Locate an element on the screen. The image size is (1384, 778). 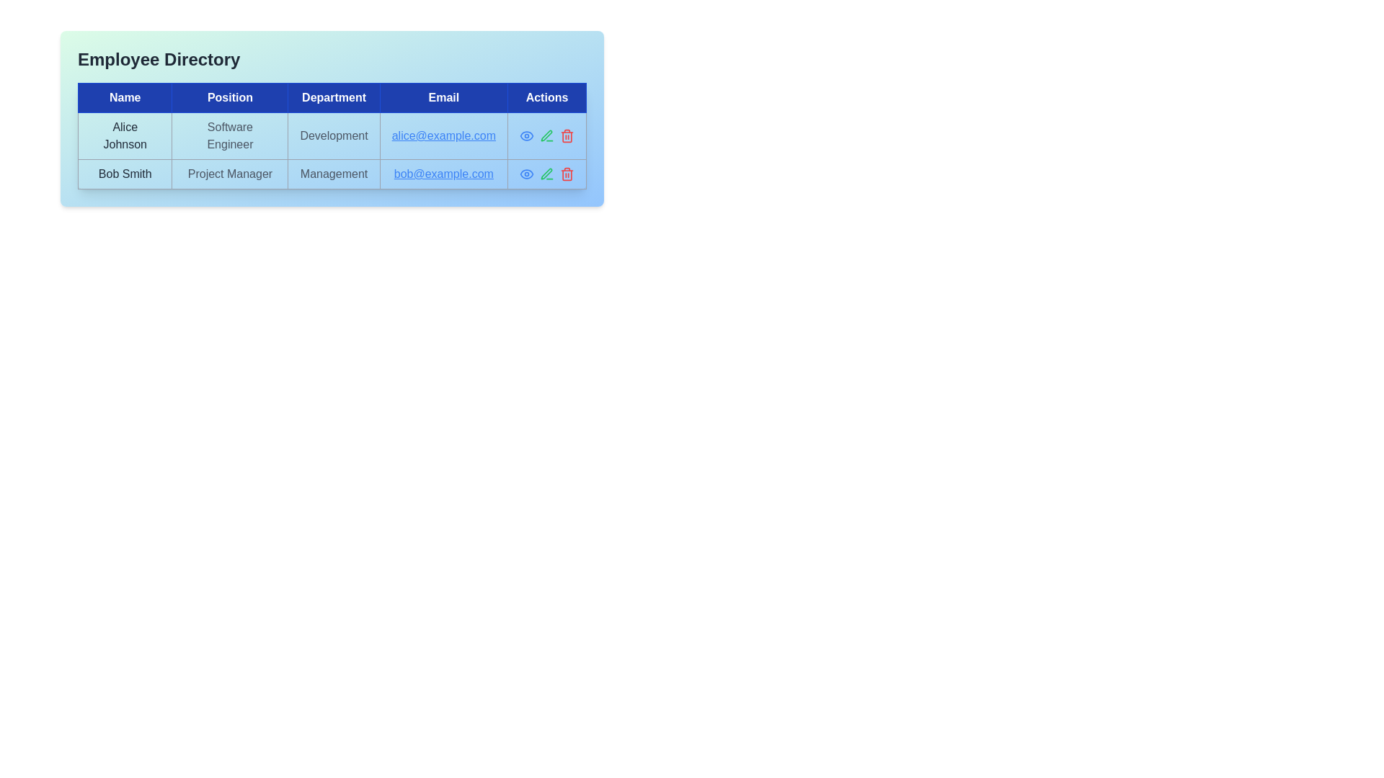
the green pen icon button in the second row of the 'Actions' column is located at coordinates (546, 136).